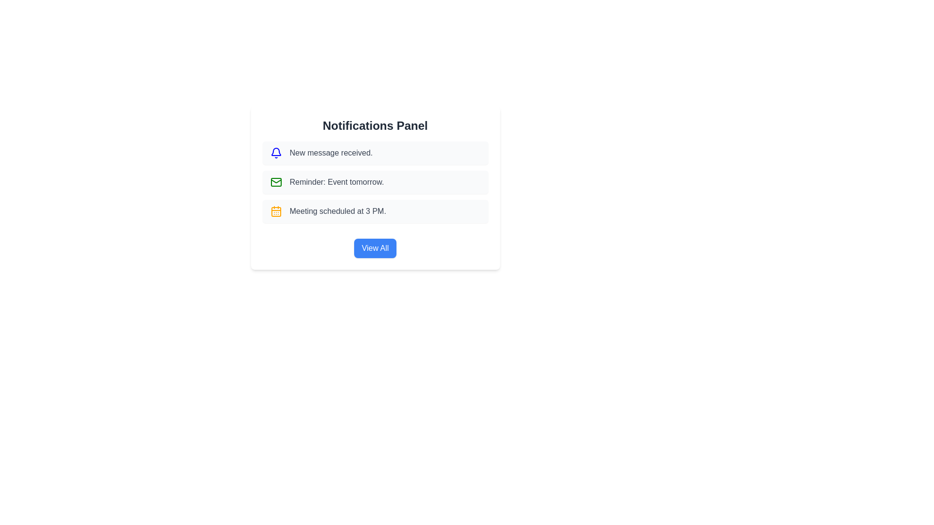 This screenshot has height=525, width=934. Describe the element at coordinates (275, 153) in the screenshot. I see `the bell icon representing notifications, positioned on the left side of the text label 'New message received' in the notification panel` at that location.